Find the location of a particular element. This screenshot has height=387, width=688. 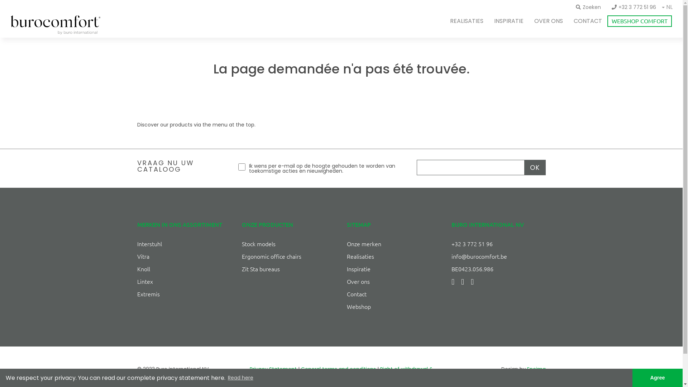

'Lintex' is located at coordinates (144, 281).